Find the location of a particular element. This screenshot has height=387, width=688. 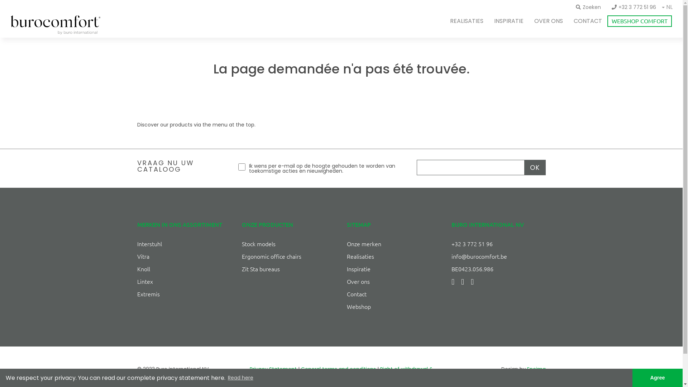

'Lintex' is located at coordinates (144, 281).